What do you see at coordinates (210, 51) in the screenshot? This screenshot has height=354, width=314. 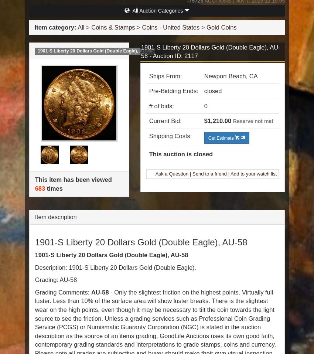 I see `'1901-S Liberty 20 Dollars Gold (Double Eagle), AU-58 - Auction ID: 2117'` at bounding box center [210, 51].